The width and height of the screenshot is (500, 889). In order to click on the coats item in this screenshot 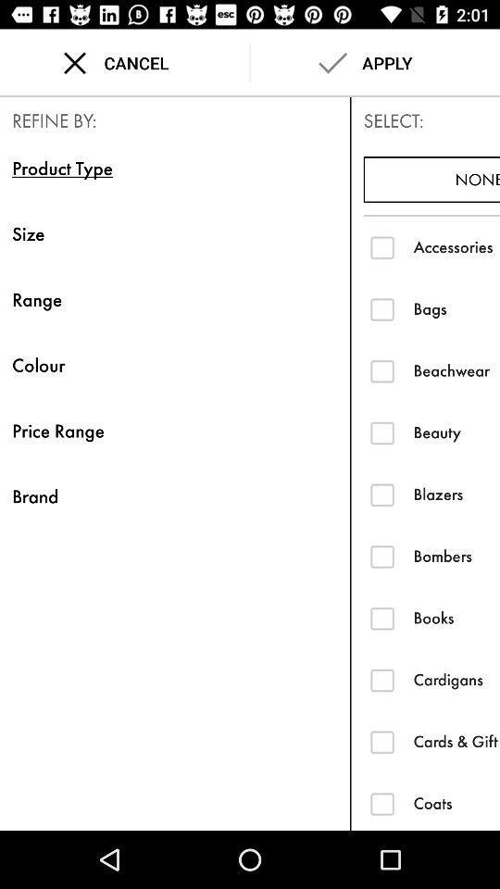, I will do `click(456, 802)`.